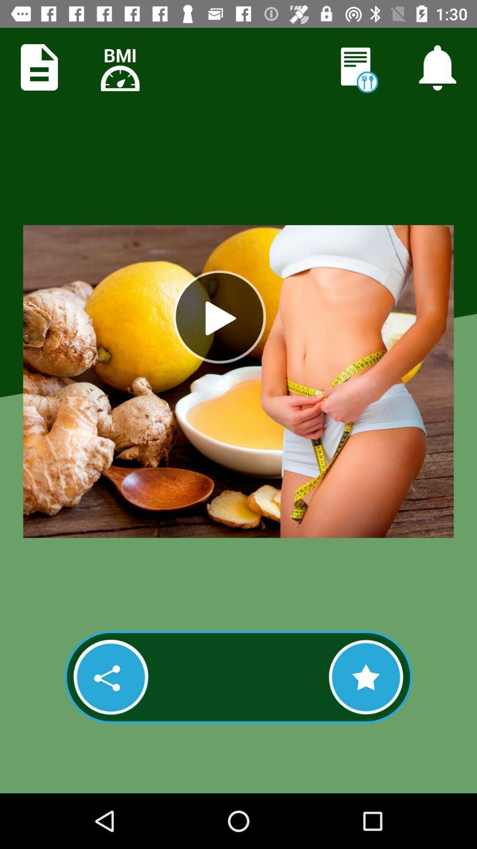  Describe the element at coordinates (366, 677) in the screenshot. I see `this video` at that location.